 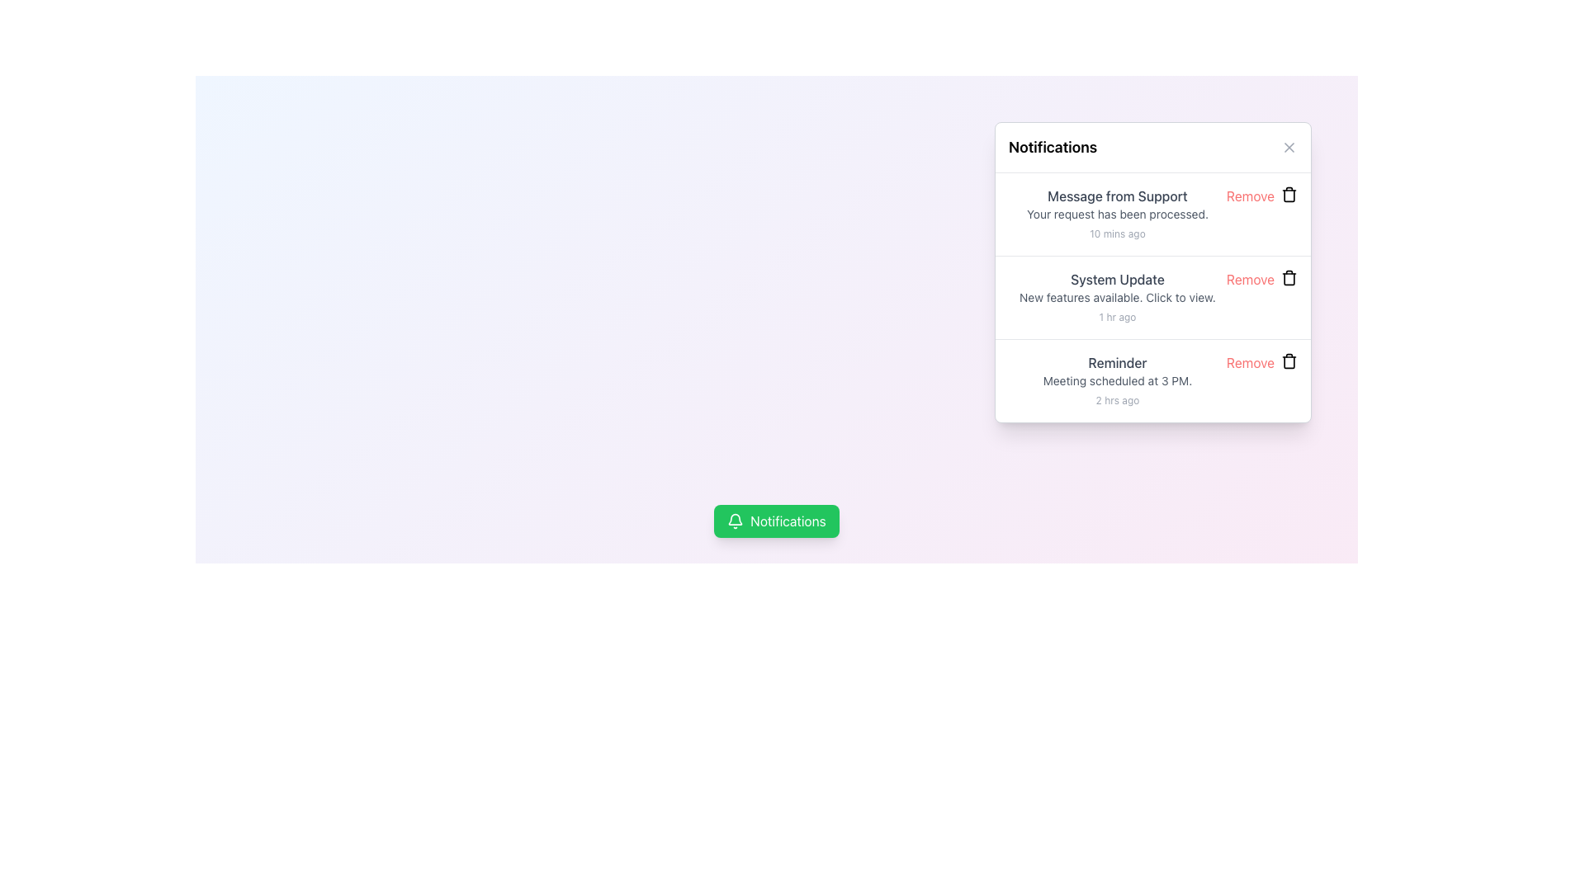 I want to click on the third notification card in the notification panel, so click(x=1152, y=380).